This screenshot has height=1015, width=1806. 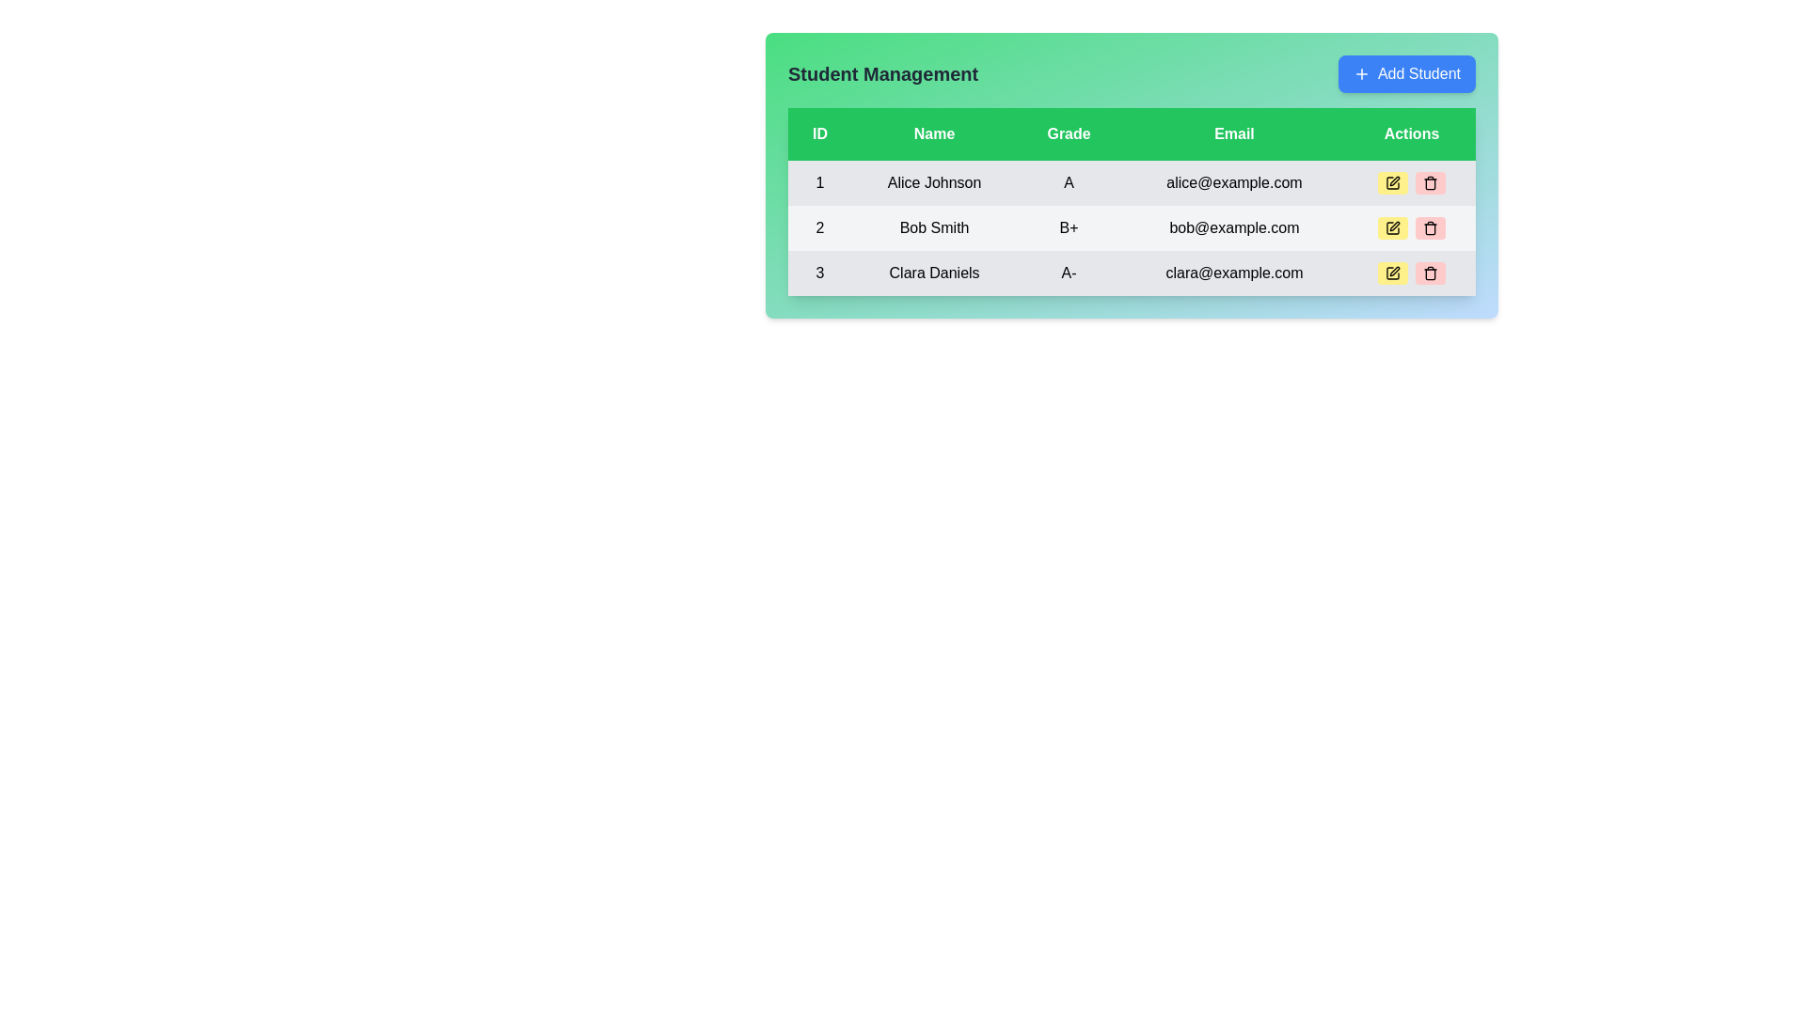 I want to click on the 'Email' header label, which is a rectangular label displaying the text in white on a green background, located in the top section of the table header, so click(x=1234, y=133).